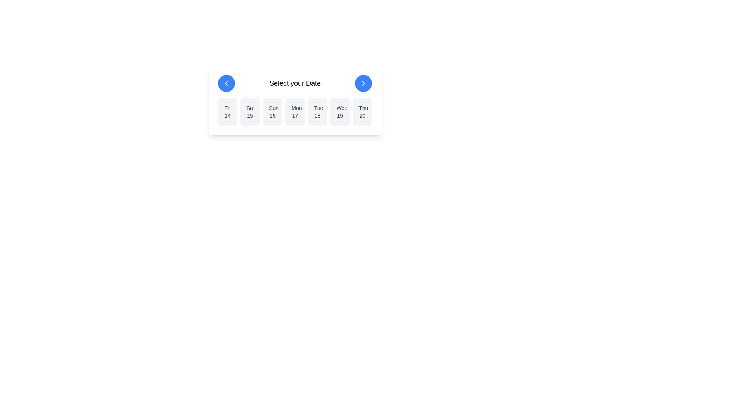  I want to click on the leftward-pointing chevron icon embedded inside a circular button with a blue background and white border, located at the far-left side of the horizontal interface section, so click(226, 83).